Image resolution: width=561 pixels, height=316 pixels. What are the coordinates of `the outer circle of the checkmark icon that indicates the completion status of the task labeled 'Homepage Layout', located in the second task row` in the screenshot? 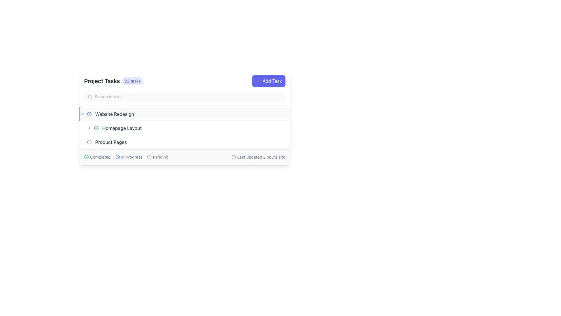 It's located at (86, 157).